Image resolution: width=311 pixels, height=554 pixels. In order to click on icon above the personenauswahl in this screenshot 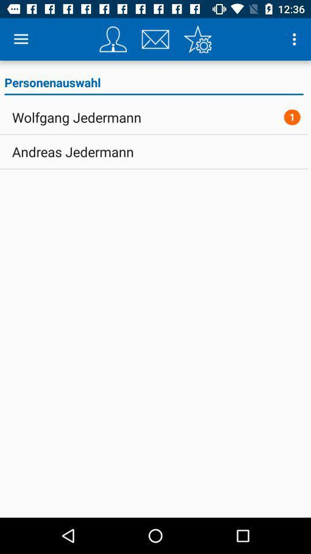, I will do `click(295, 39)`.